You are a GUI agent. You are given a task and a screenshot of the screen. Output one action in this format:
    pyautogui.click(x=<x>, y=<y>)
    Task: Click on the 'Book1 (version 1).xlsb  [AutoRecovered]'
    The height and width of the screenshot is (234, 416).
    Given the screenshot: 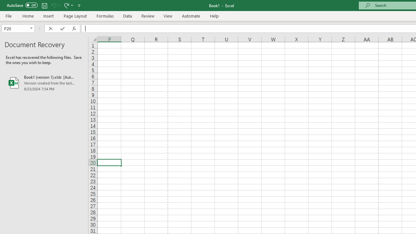 What is the action you would take?
    pyautogui.click(x=44, y=82)
    